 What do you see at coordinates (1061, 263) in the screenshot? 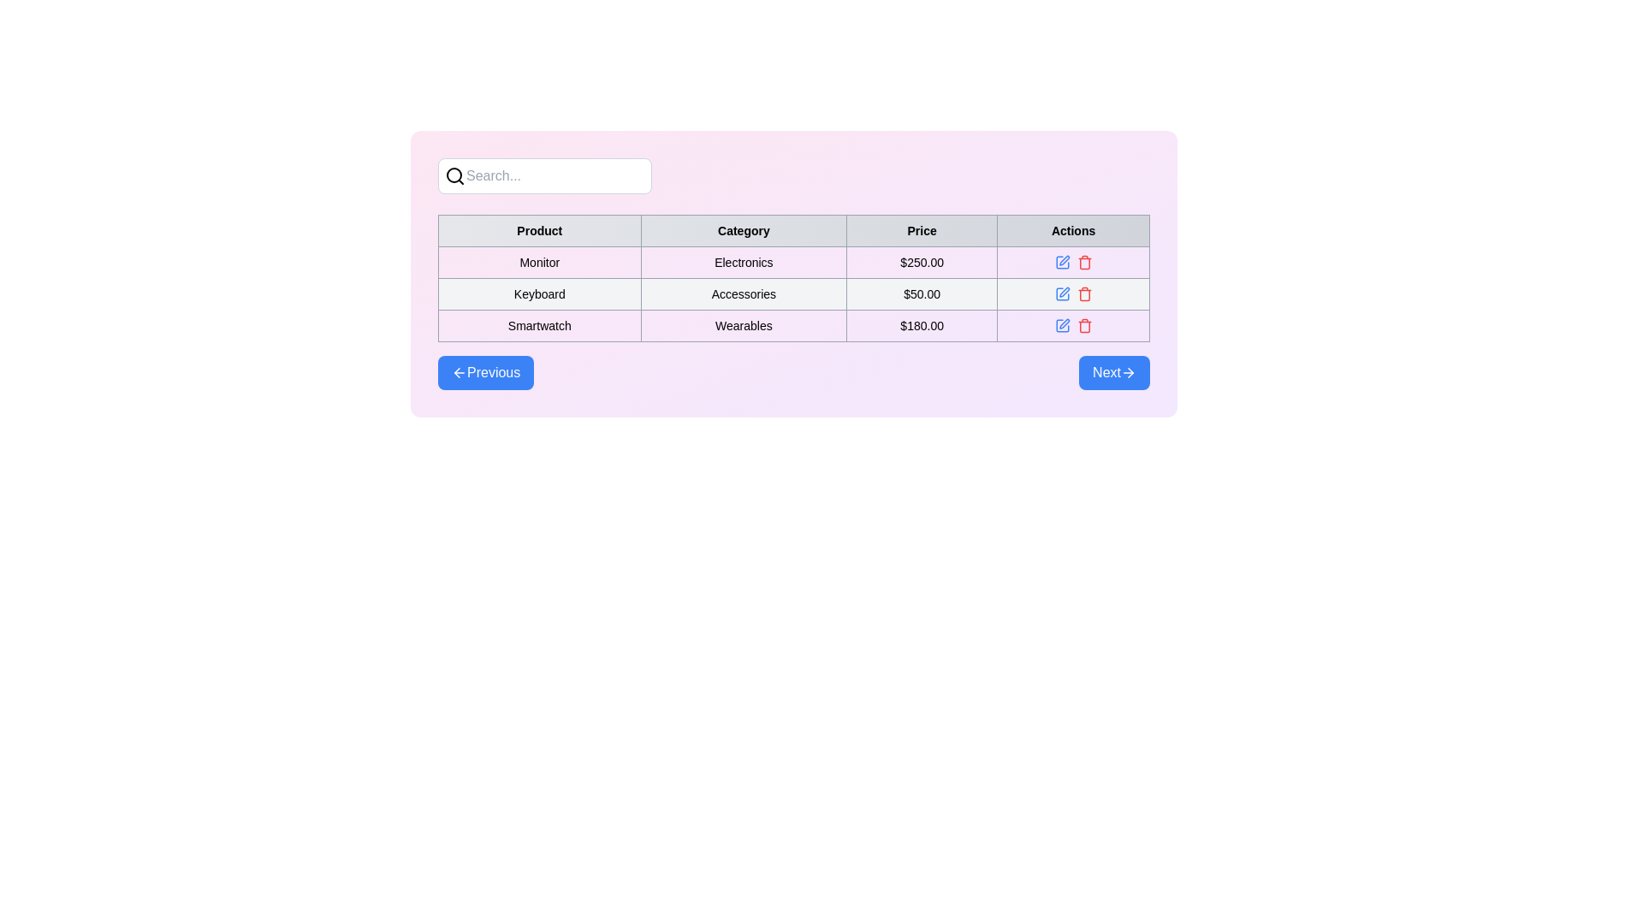
I see `the edit button, which is the first interactive icon in the 'Actions' column of the first row in the table, to initiate the edit action` at bounding box center [1061, 263].